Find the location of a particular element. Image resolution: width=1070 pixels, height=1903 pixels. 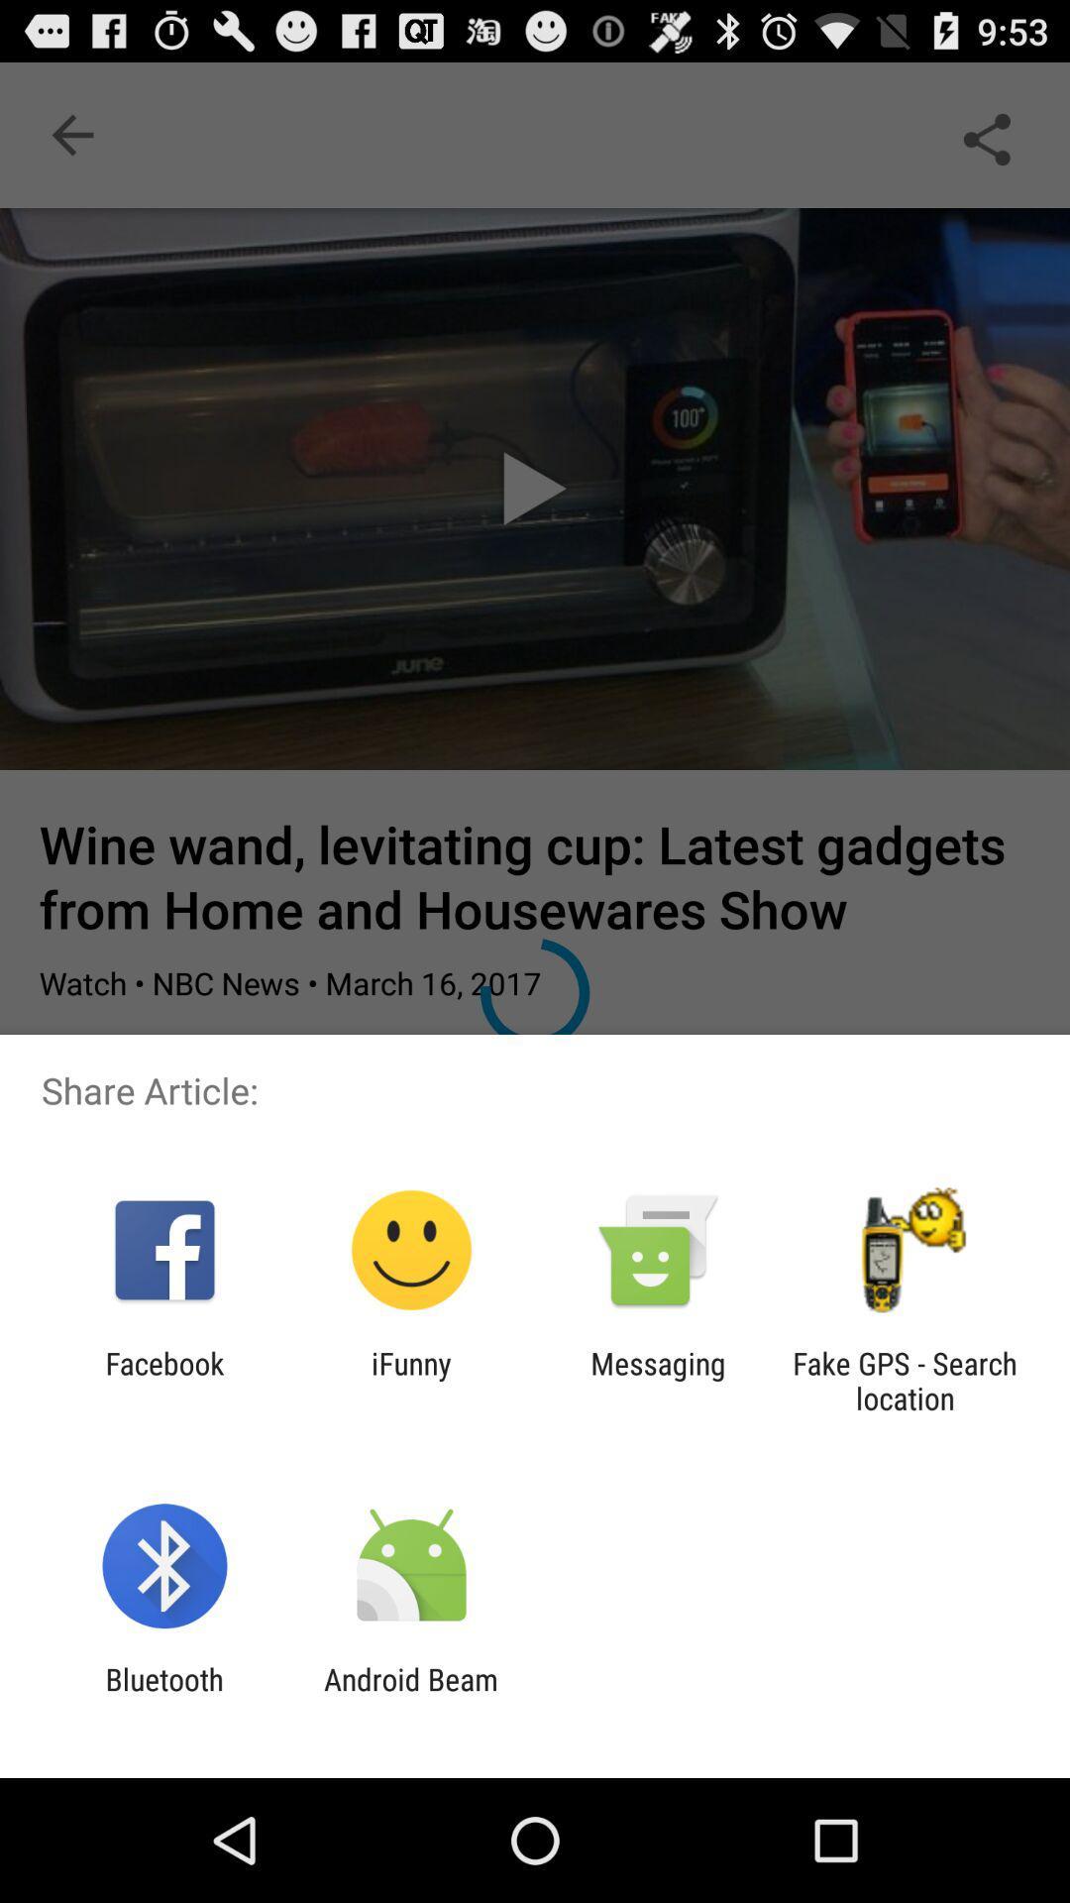

the app to the left of fake gps search app is located at coordinates (658, 1380).